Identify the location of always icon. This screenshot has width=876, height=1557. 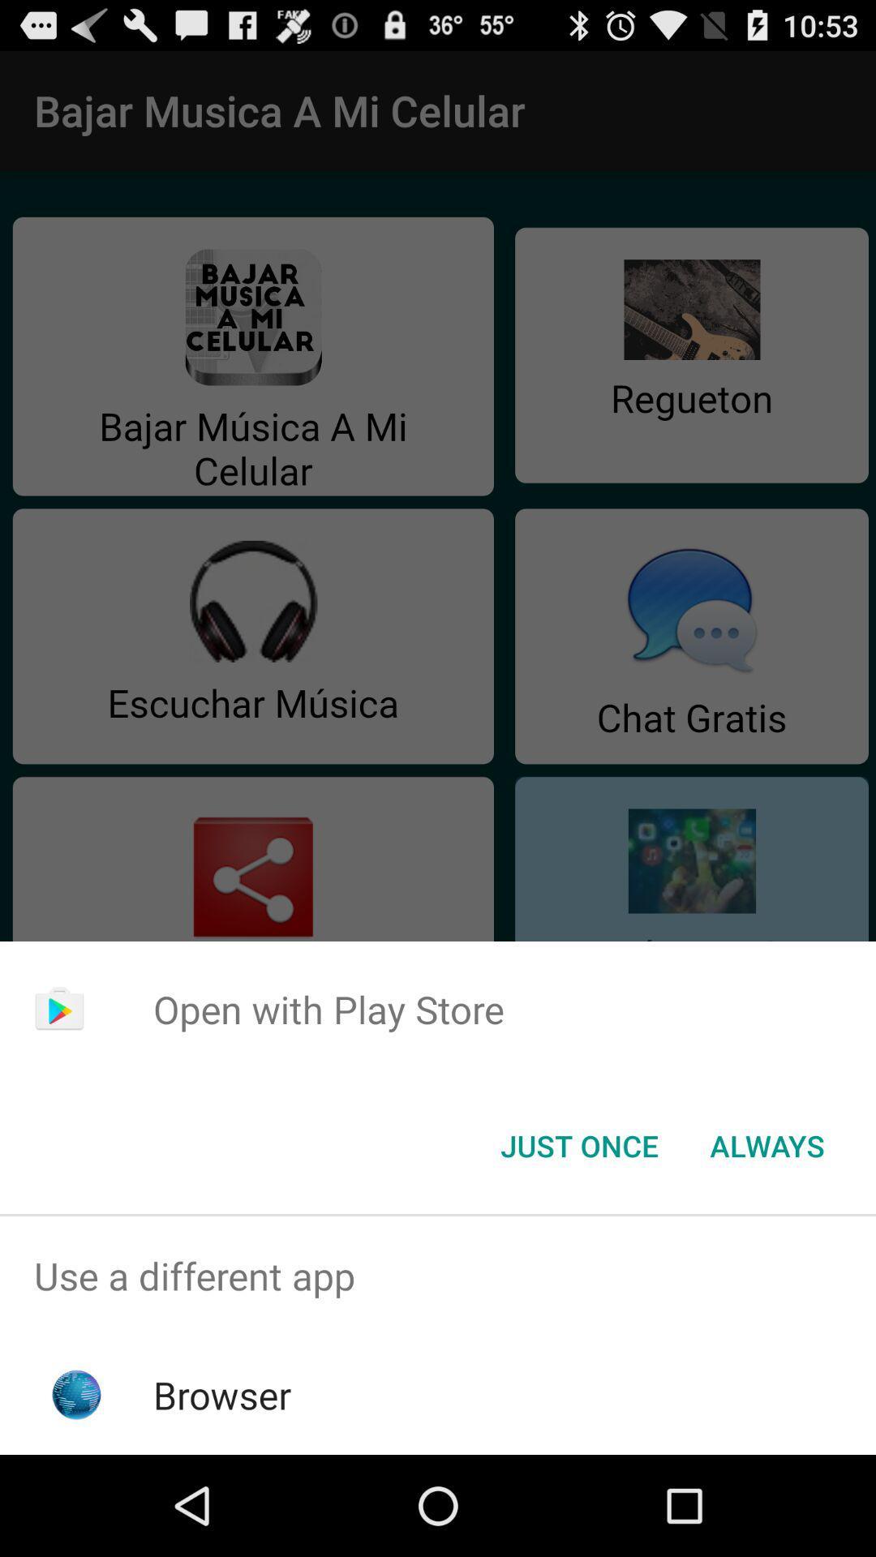
(766, 1144).